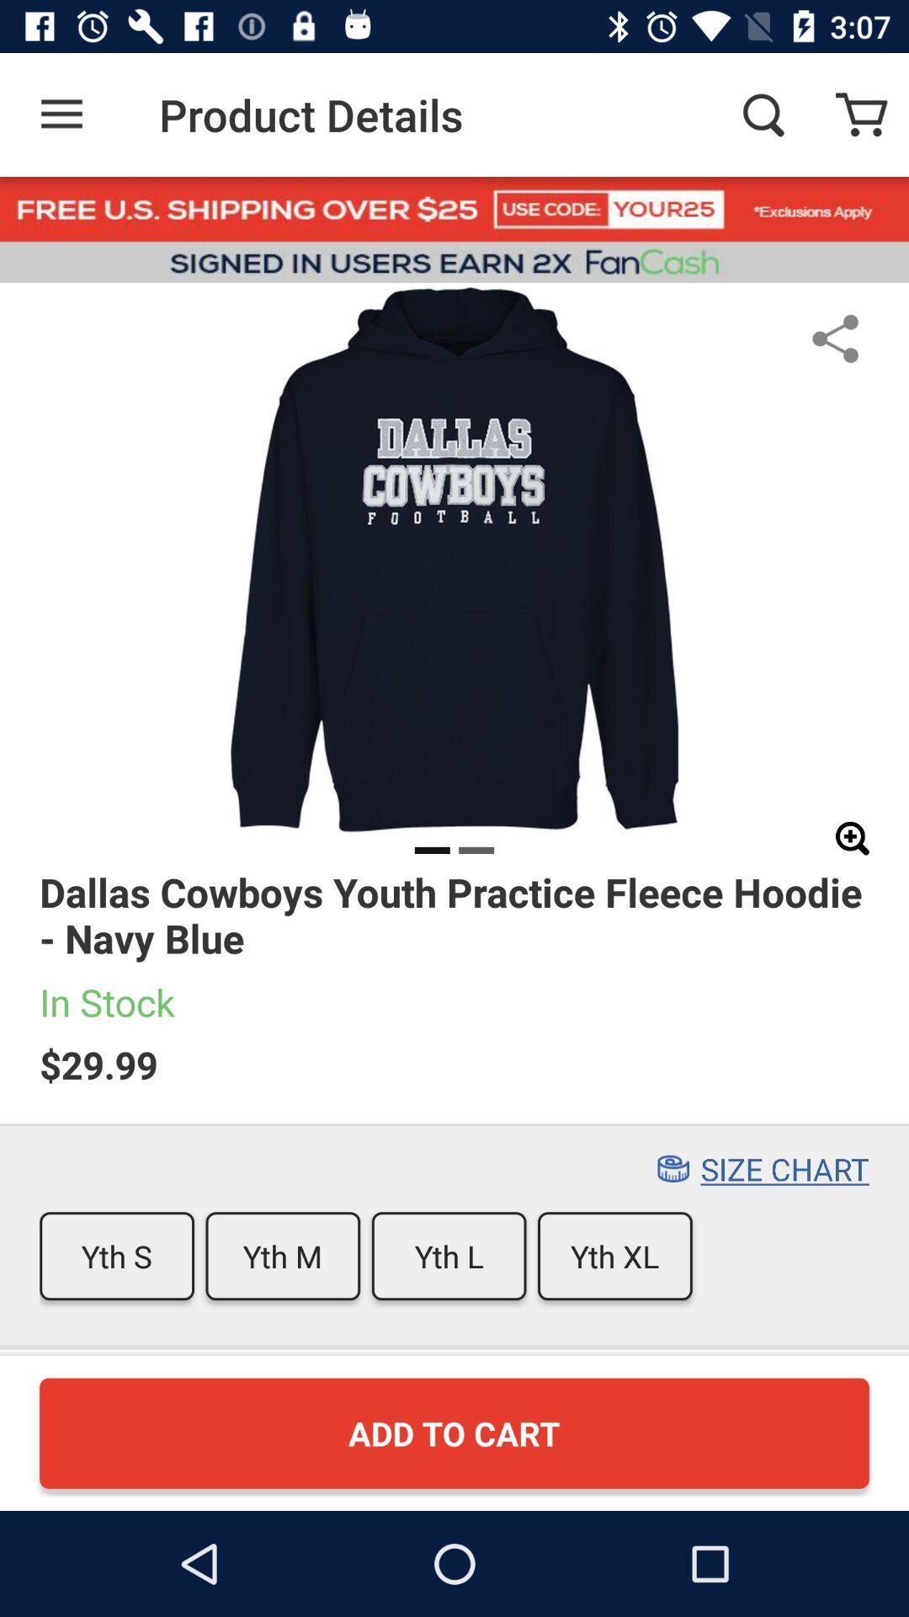 The image size is (909, 1617). What do you see at coordinates (835, 338) in the screenshot?
I see `the share icon` at bounding box center [835, 338].